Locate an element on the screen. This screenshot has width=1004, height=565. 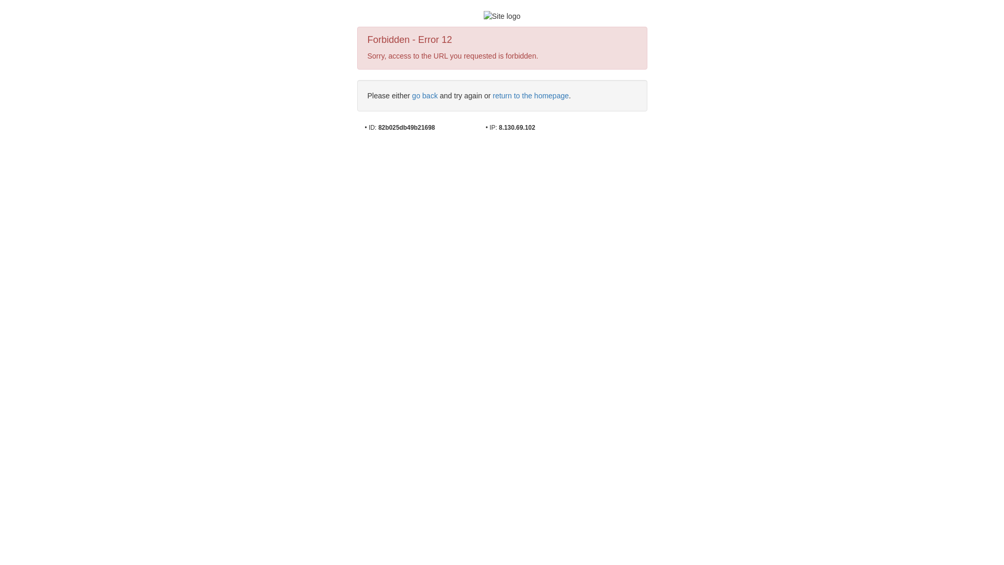
'return to the homepage' is located at coordinates (530, 95).